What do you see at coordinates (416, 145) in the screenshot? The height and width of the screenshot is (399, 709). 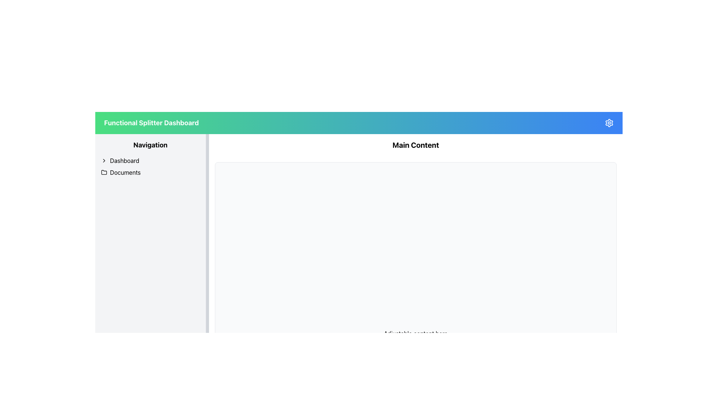 I see `text from the title or header Text Label that is centrally positioned below the top navigation bar` at bounding box center [416, 145].